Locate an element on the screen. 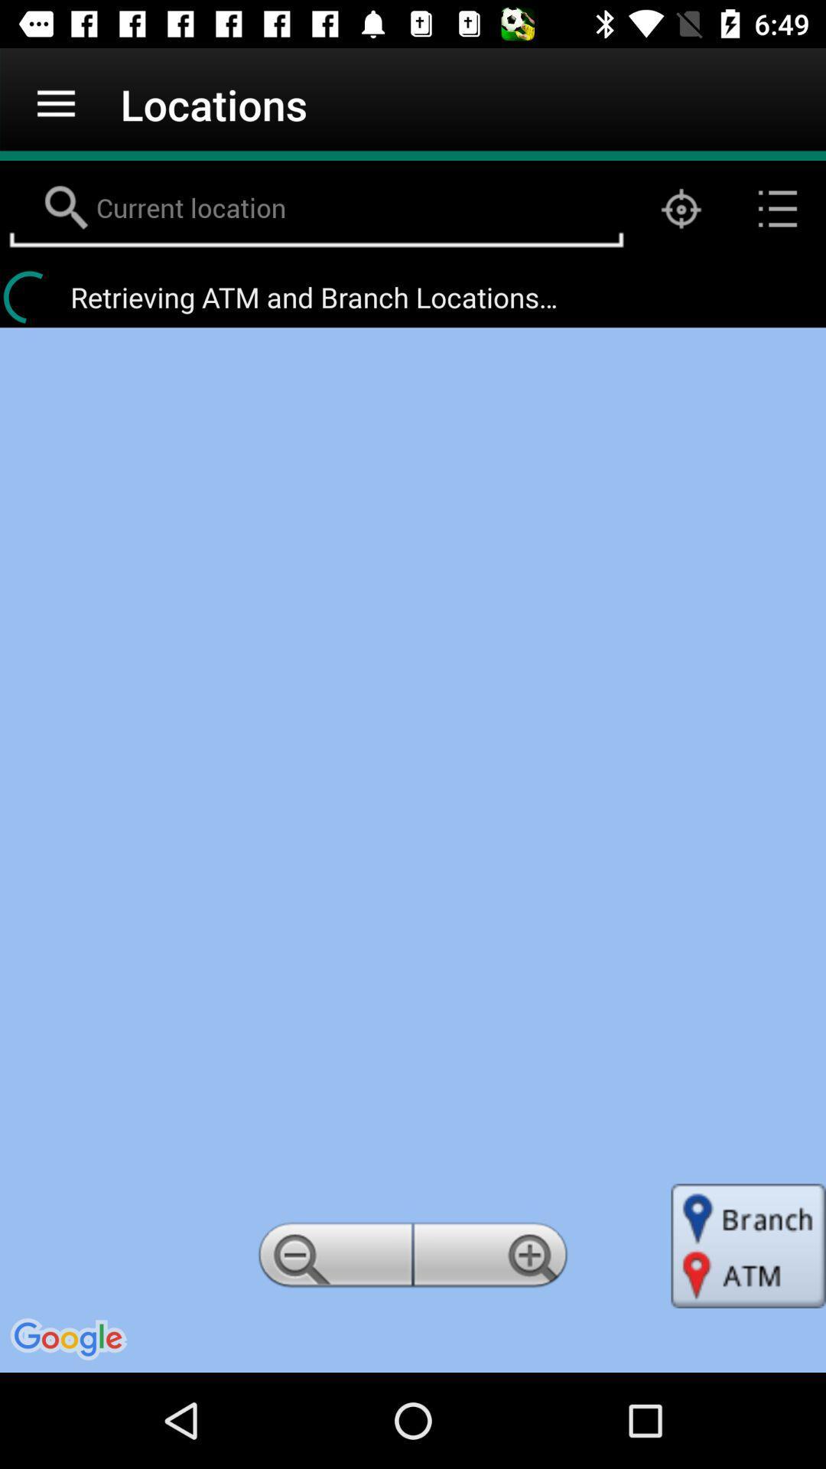 This screenshot has height=1469, width=826. location is located at coordinates (315, 208).